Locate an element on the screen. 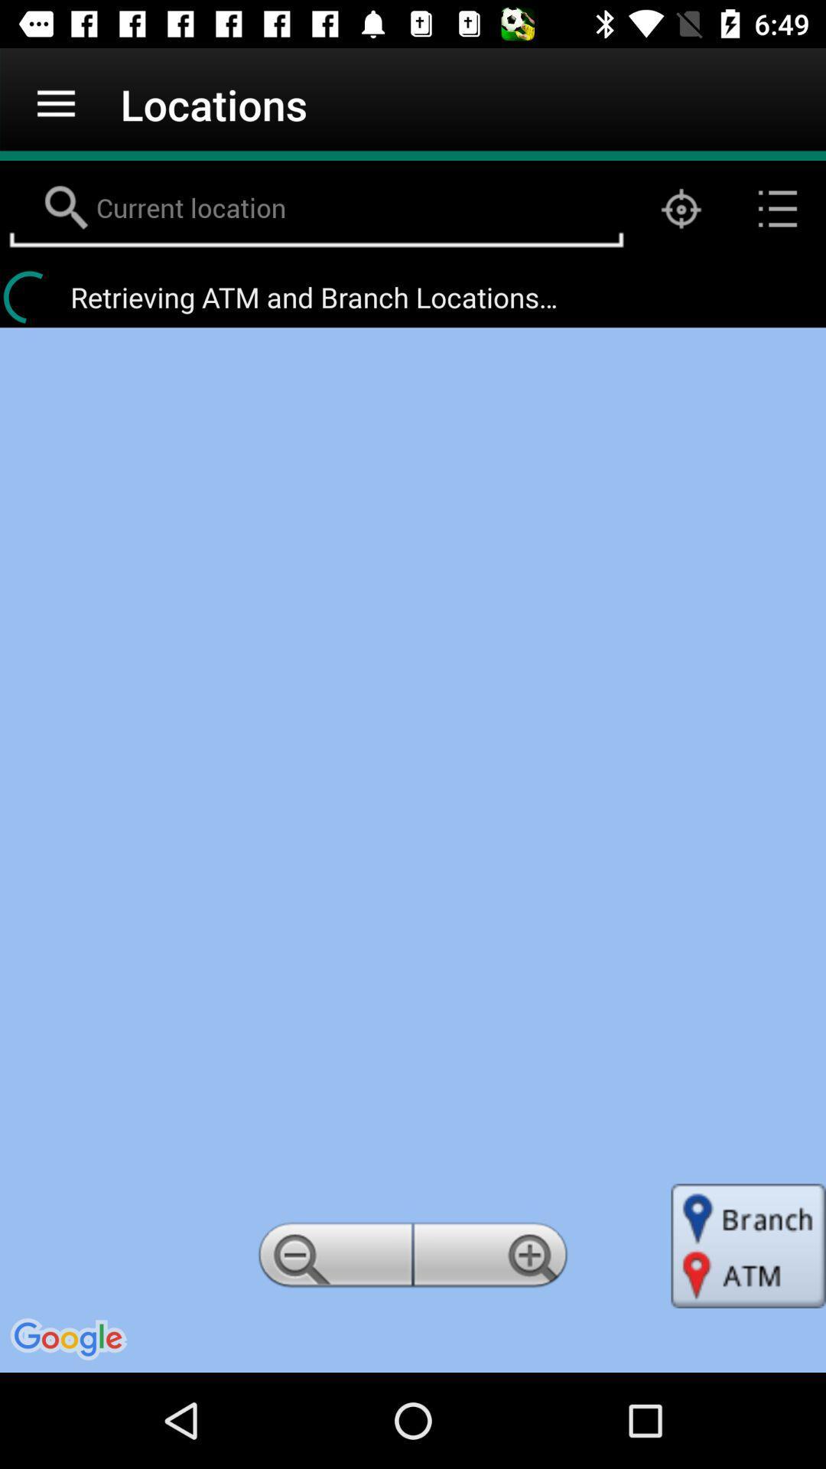 This screenshot has height=1469, width=826. location is located at coordinates (315, 208).